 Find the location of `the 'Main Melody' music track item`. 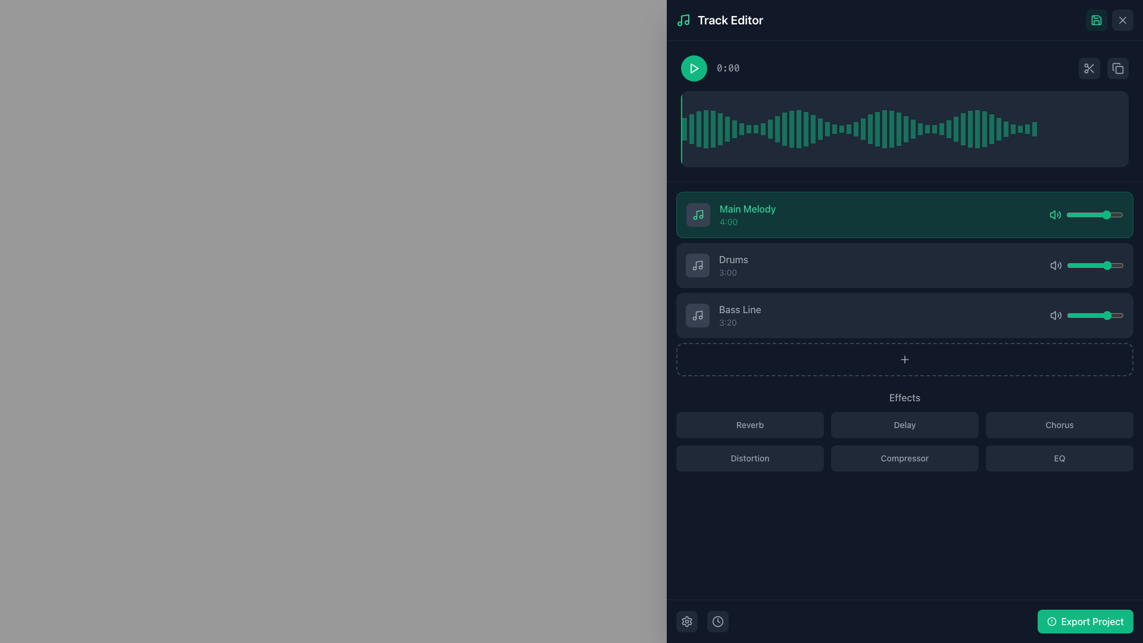

the 'Main Melody' music track item is located at coordinates (905, 215).